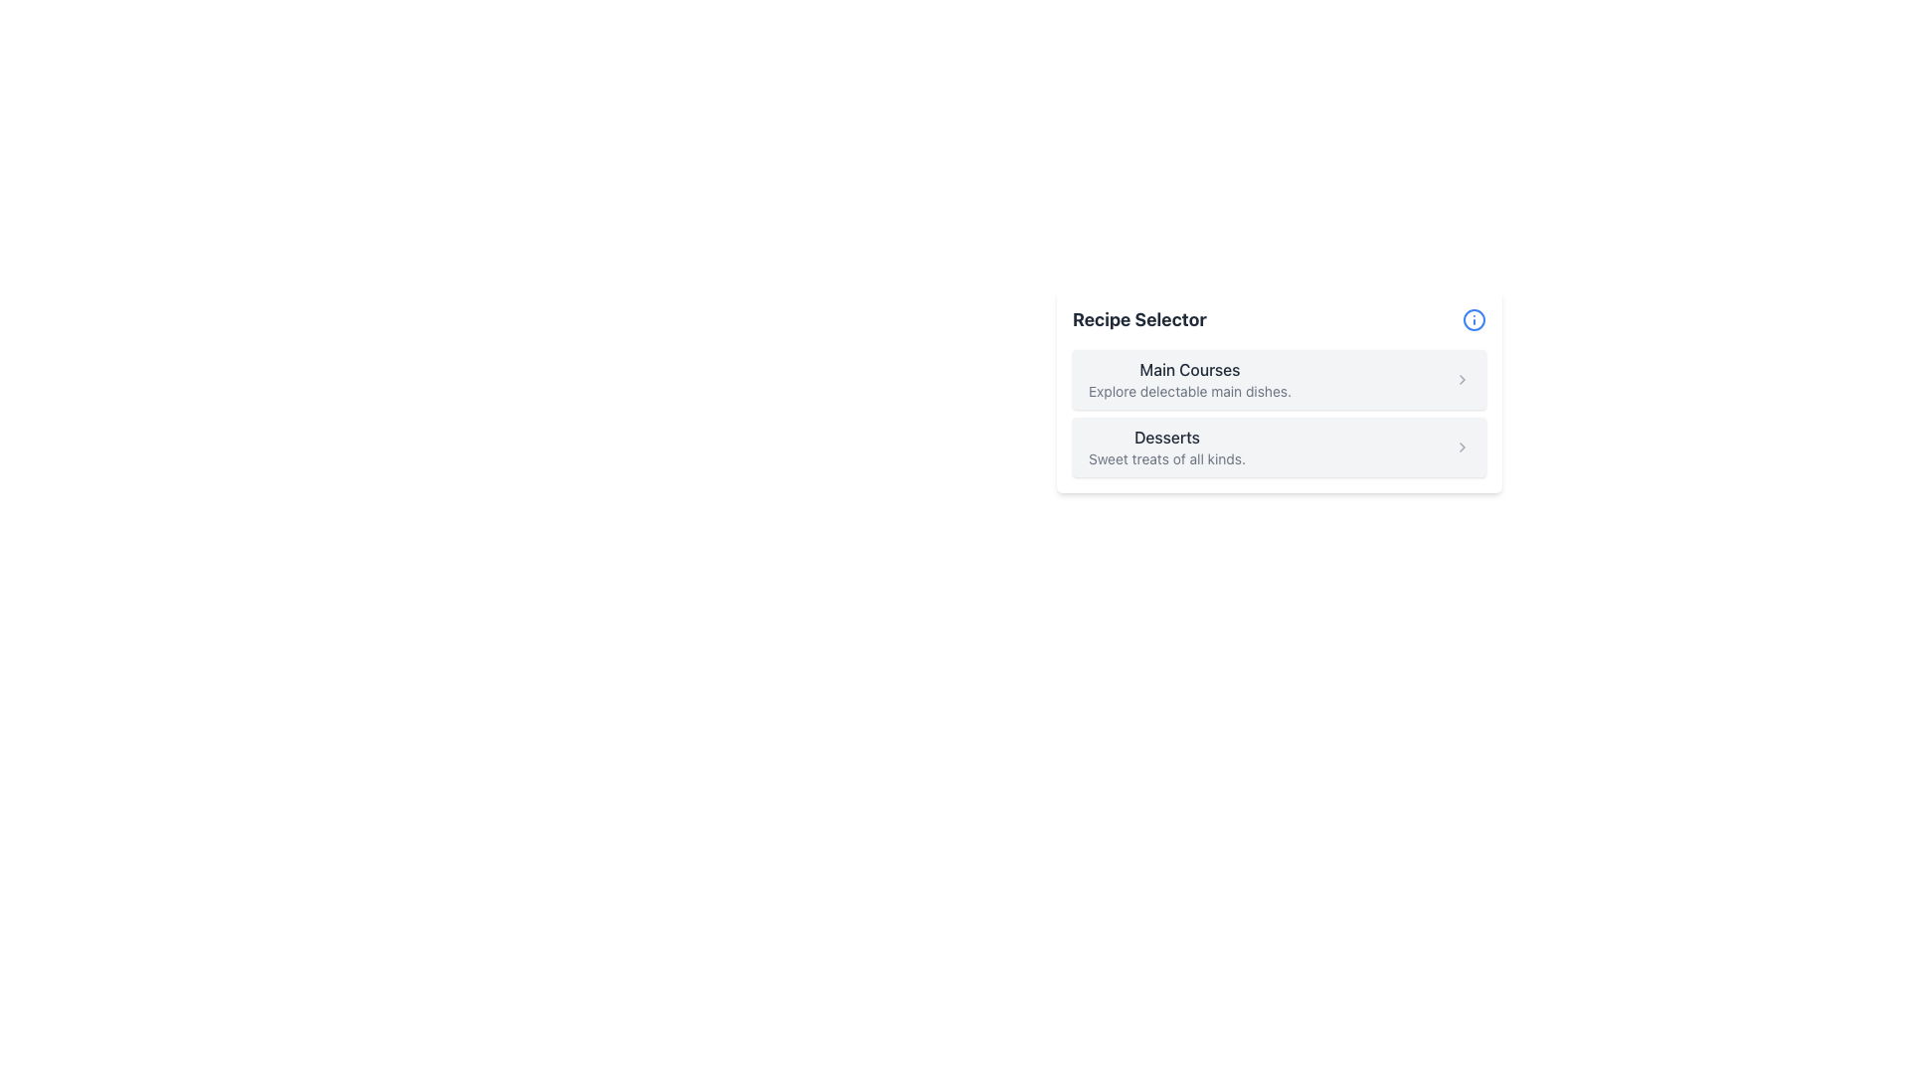  I want to click on the 'Desserts' menu list item, which is the second option in the vertical list beneath 'Main Courses', so click(1167, 447).